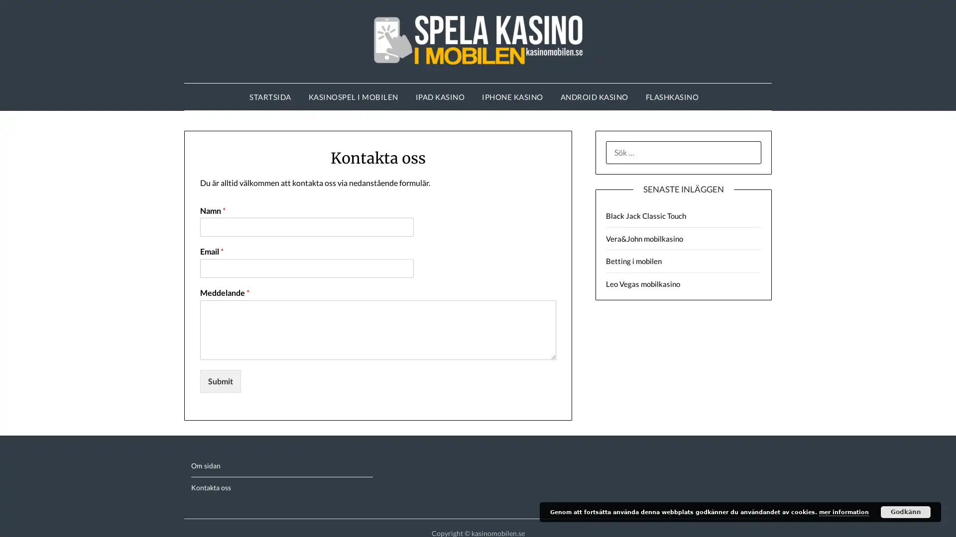 This screenshot has height=537, width=956. What do you see at coordinates (906, 512) in the screenshot?
I see `Godkann` at bounding box center [906, 512].